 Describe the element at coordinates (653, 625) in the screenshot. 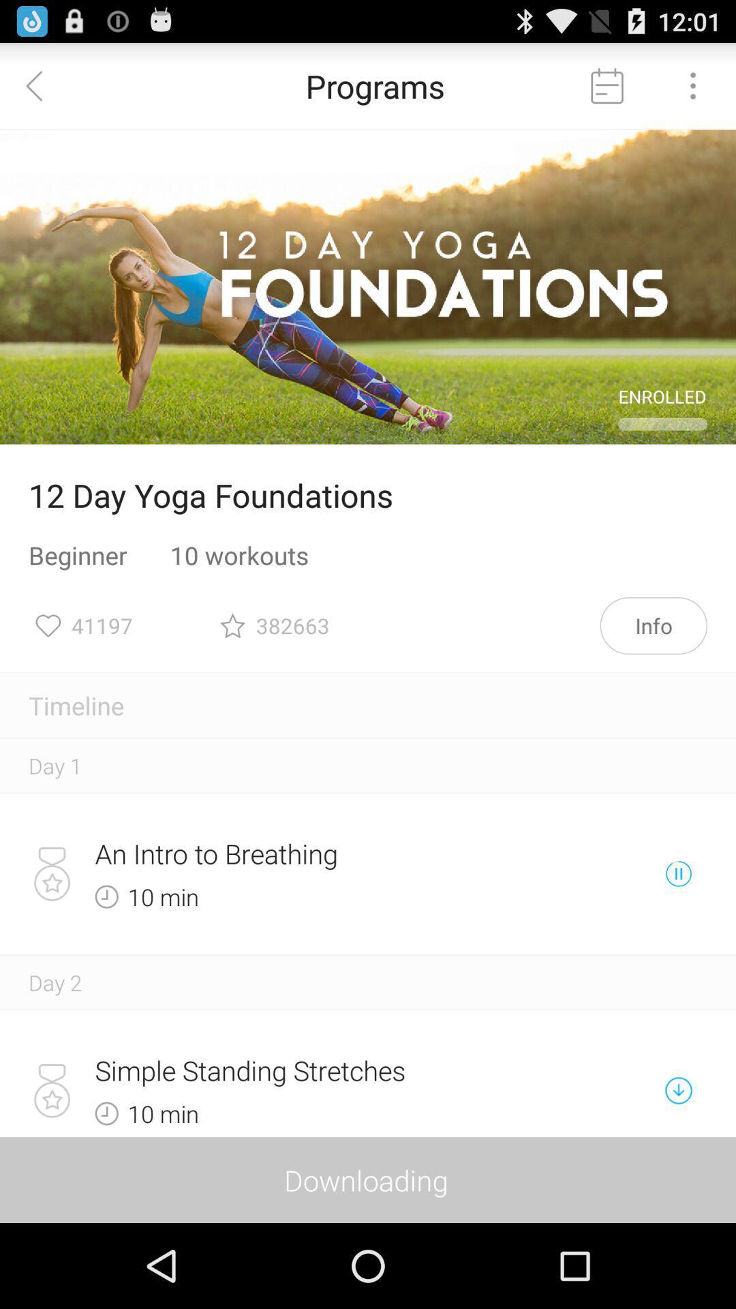

I see `info item` at that location.